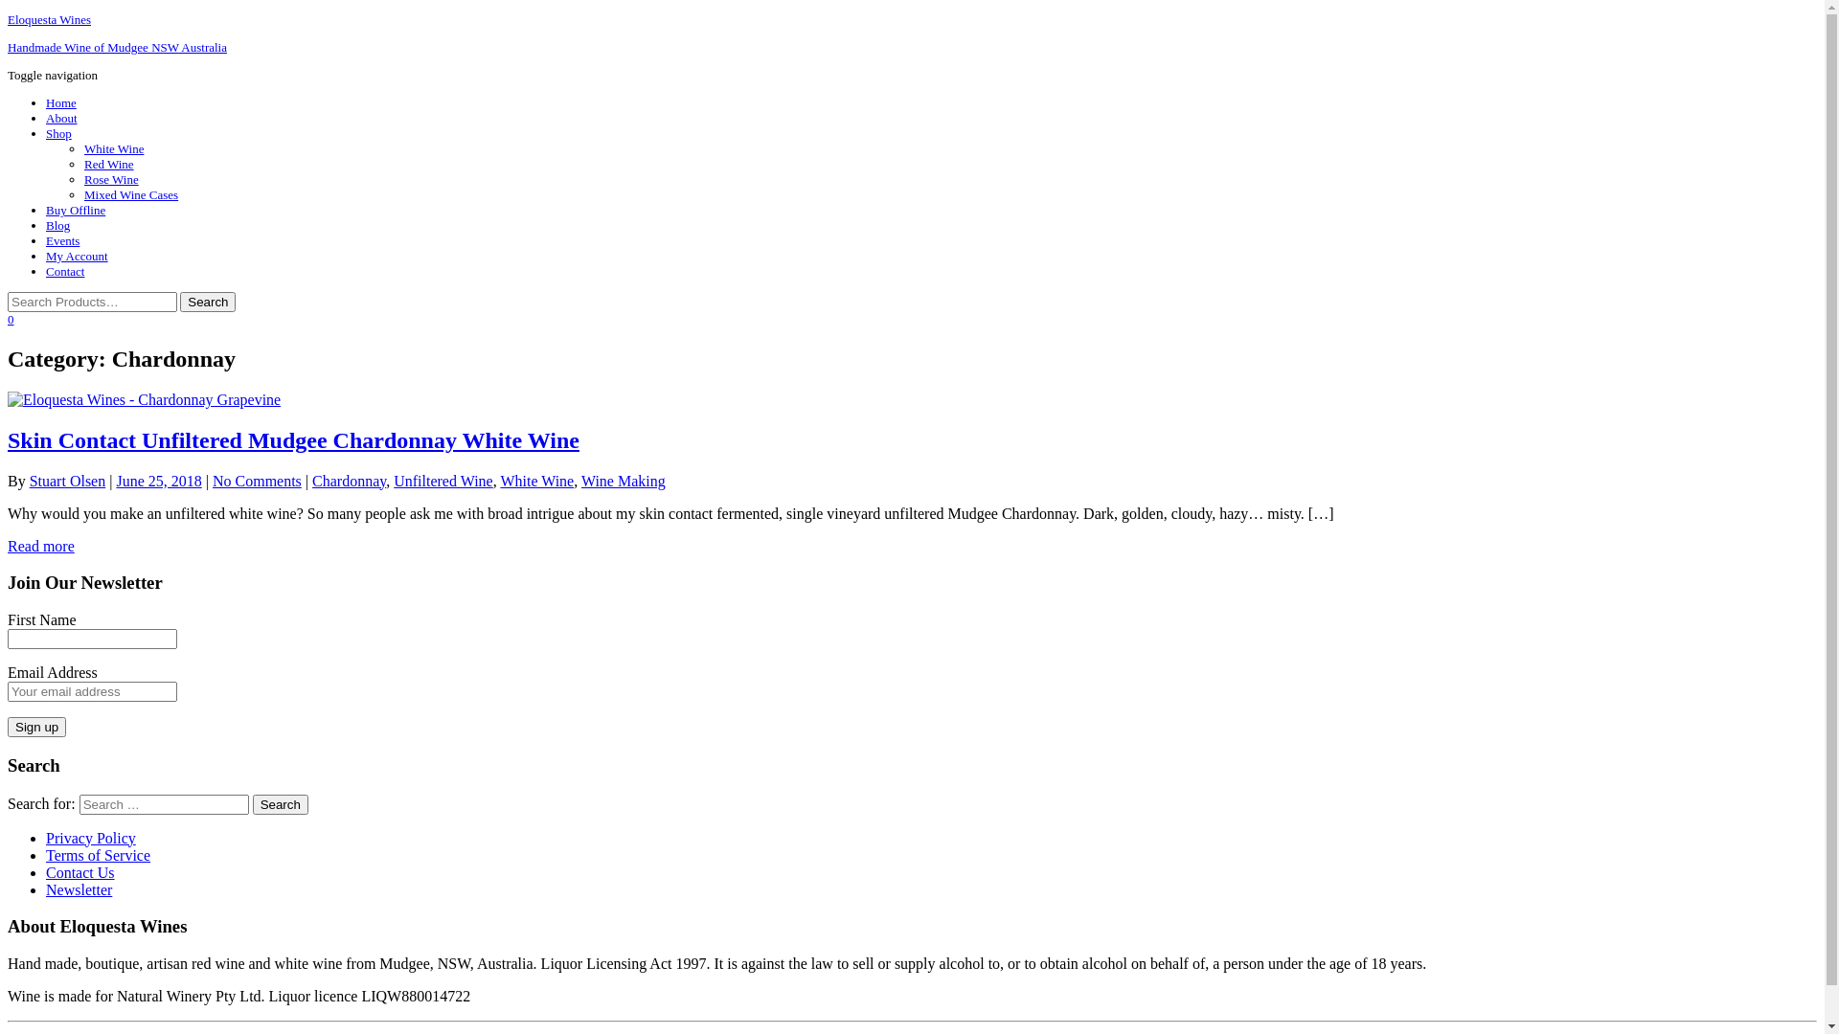 The width and height of the screenshot is (1839, 1034). I want to click on 'About', so click(61, 118).